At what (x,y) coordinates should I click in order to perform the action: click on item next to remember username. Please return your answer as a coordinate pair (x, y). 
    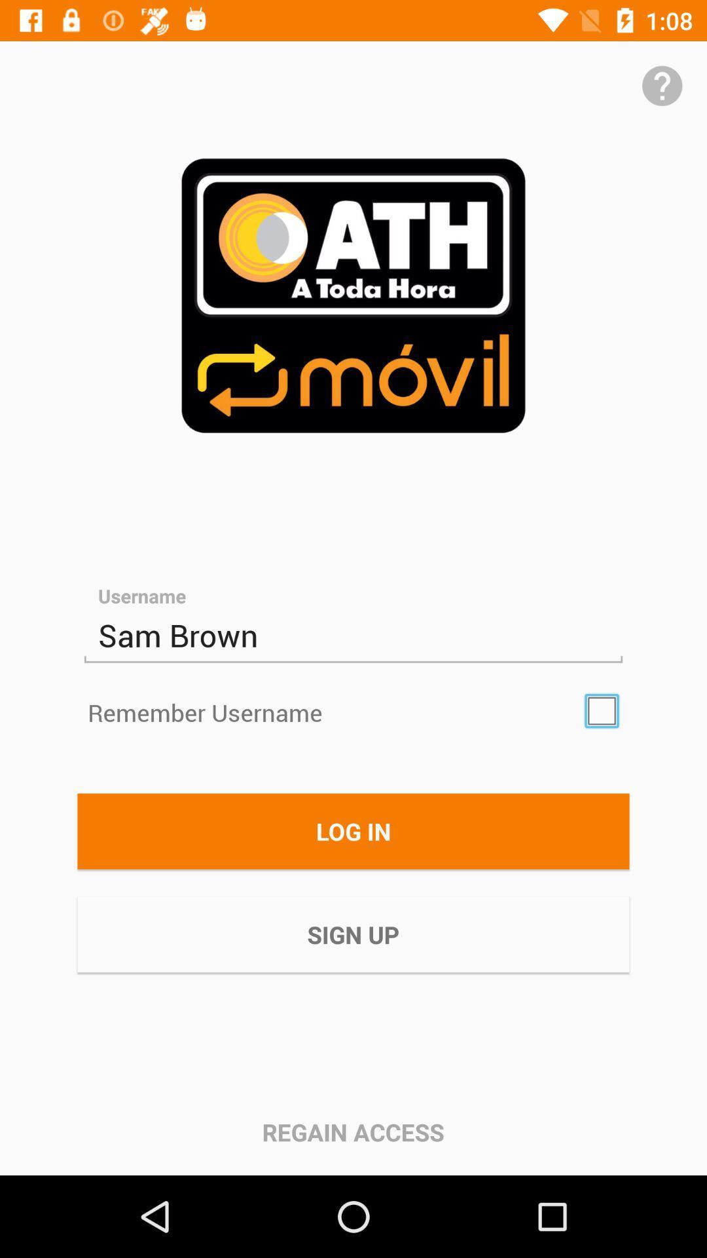
    Looking at the image, I should click on (602, 710).